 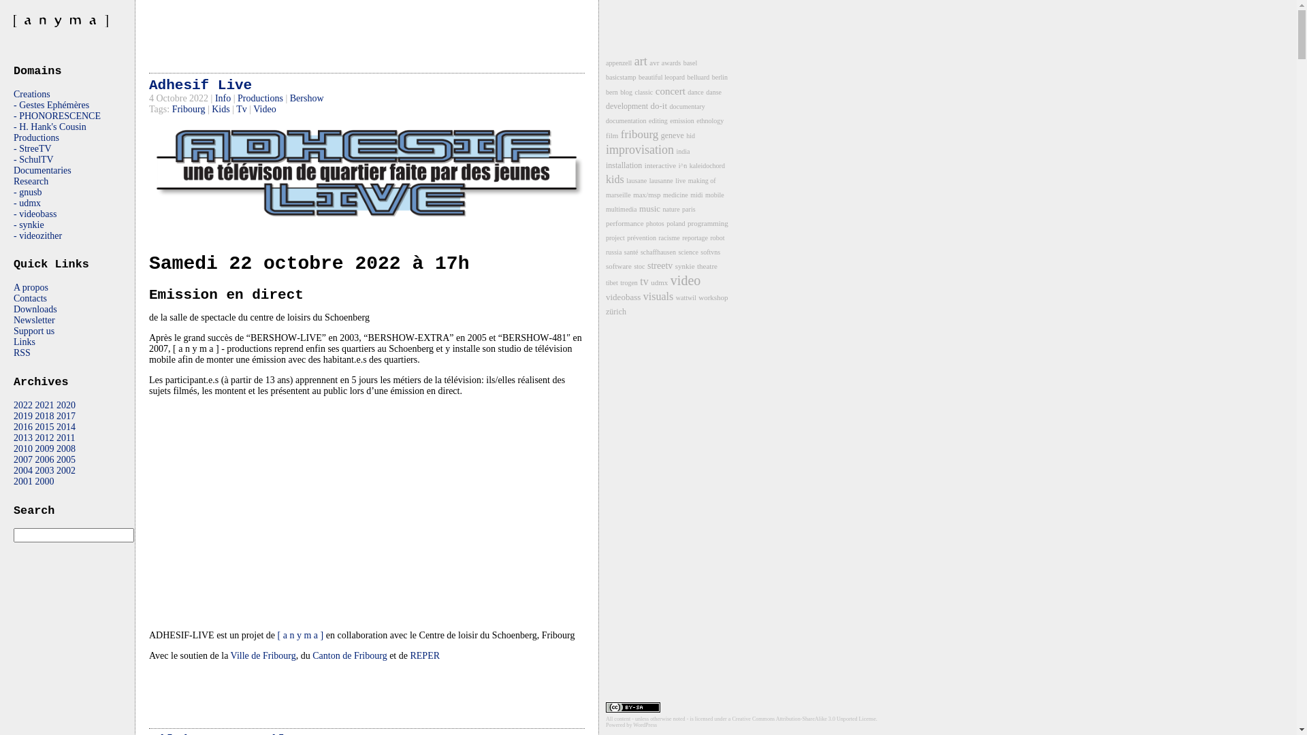 I want to click on '[ a n y m a ]', so click(x=300, y=635).